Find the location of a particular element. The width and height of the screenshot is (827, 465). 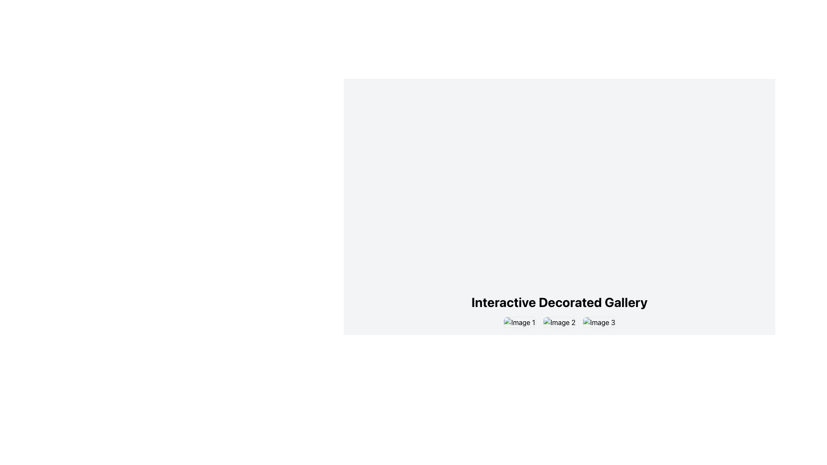

the camera icon graphic component located at the center-right of the interface, which serves as a visual representation of camera functionalities is located at coordinates (599, 322).